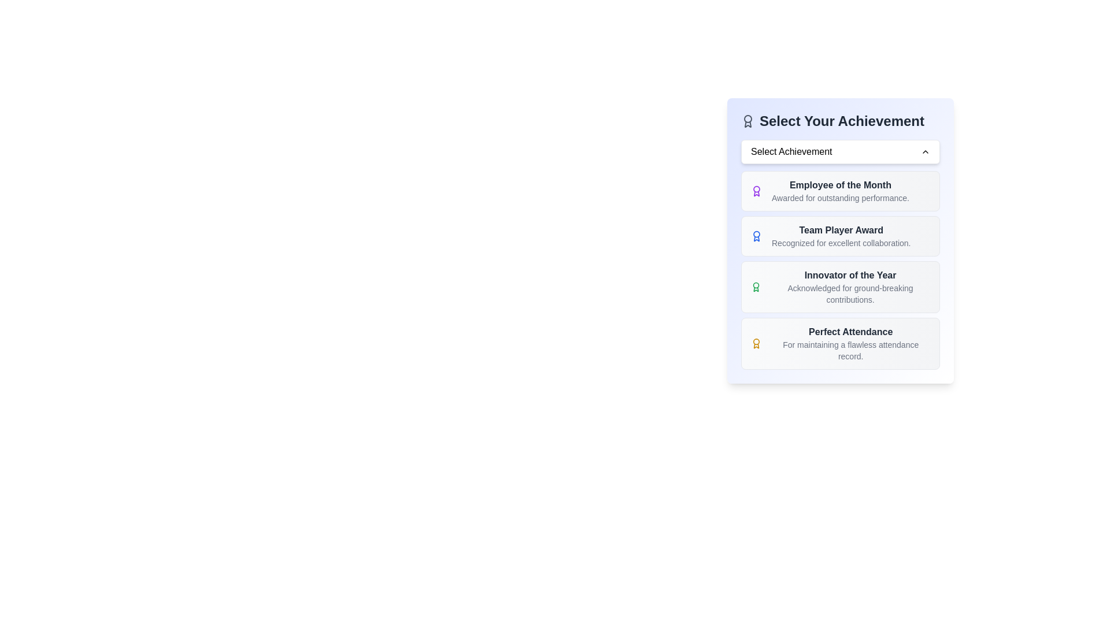  Describe the element at coordinates (757, 191) in the screenshot. I see `the decorative medal-like icon with a purple outline, positioned to the left of the text 'Employee of the Month' in the achievements list` at that location.